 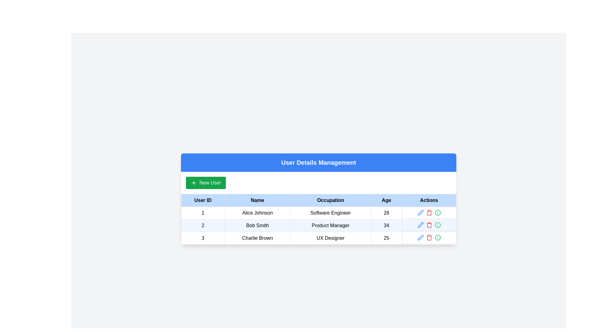 What do you see at coordinates (429, 212) in the screenshot?
I see `the red delete icon in the Action button group positioned at the rightmost part of the first row of the table under the 'Actions' column to confirm deletion` at bounding box center [429, 212].